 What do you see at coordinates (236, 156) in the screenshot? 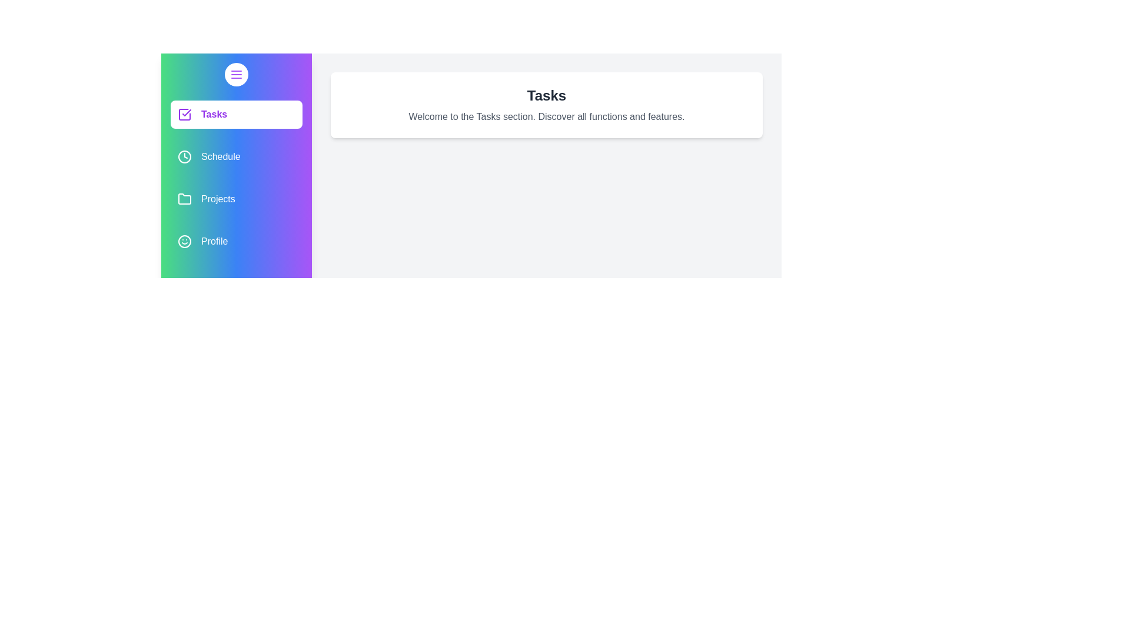
I see `the Schedule section by clicking on its corresponding item in the list` at bounding box center [236, 156].